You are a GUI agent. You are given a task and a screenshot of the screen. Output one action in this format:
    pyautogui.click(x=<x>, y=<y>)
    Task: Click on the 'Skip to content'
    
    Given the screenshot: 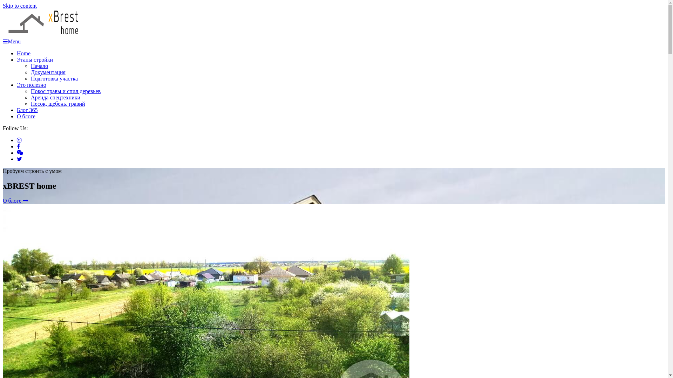 What is the action you would take?
    pyautogui.click(x=3, y=6)
    